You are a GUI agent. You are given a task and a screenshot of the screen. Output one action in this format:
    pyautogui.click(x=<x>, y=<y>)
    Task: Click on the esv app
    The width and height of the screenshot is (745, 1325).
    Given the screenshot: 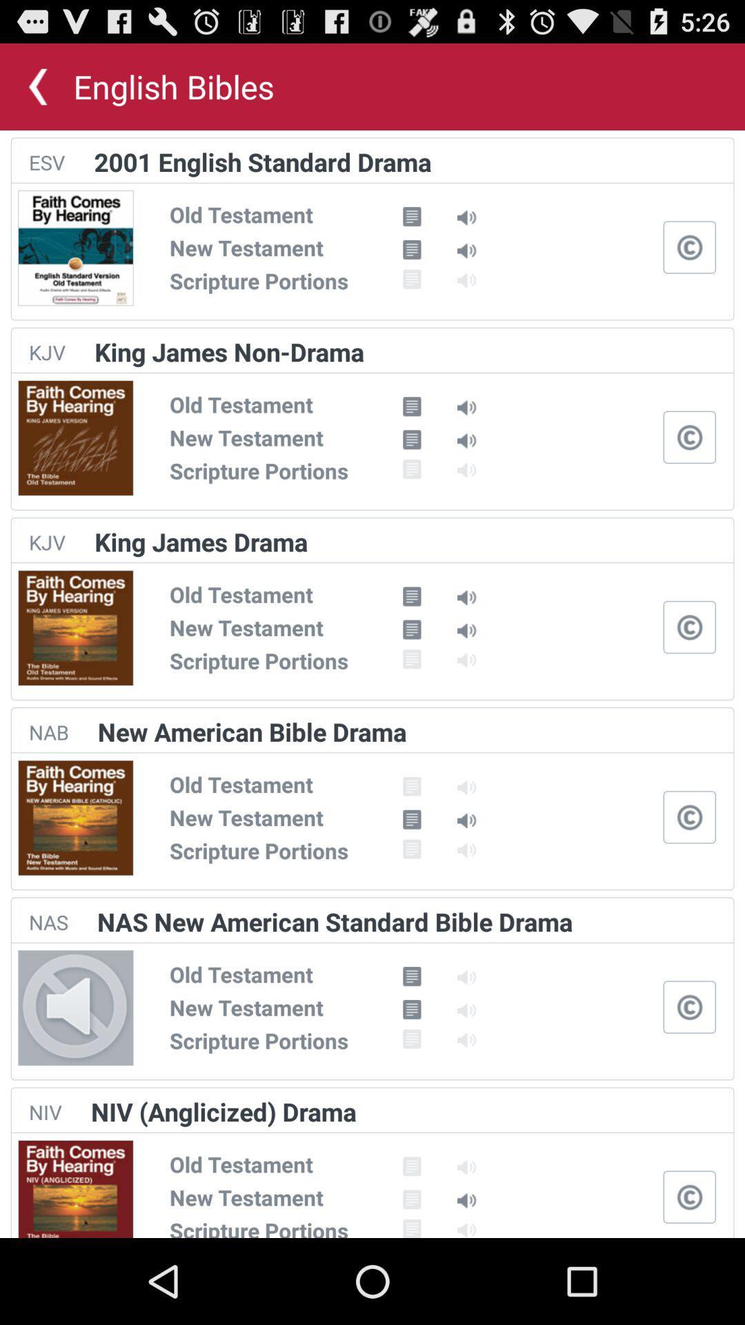 What is the action you would take?
    pyautogui.click(x=46, y=162)
    